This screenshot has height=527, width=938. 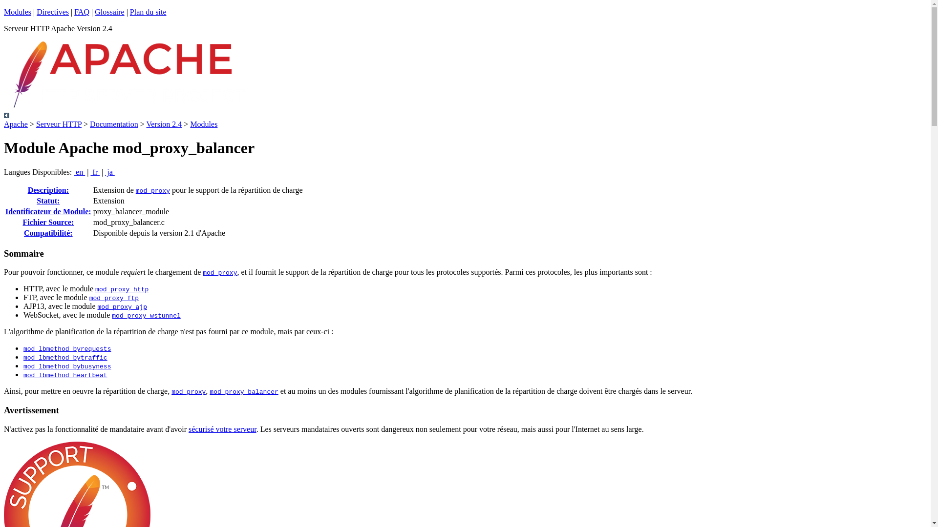 What do you see at coordinates (4, 115) in the screenshot?
I see `'<-'` at bounding box center [4, 115].